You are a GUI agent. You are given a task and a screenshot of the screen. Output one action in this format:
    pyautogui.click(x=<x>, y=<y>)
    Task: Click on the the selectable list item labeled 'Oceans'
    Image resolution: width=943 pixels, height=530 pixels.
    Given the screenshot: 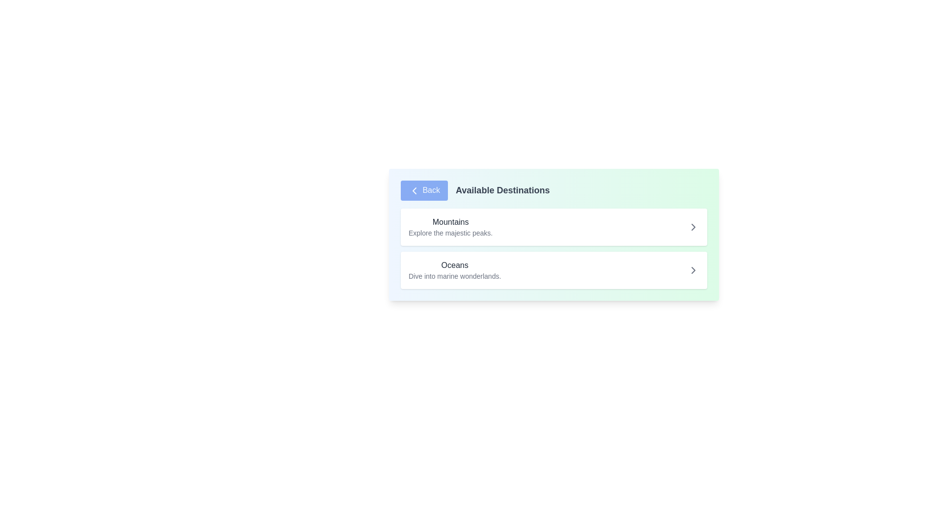 What is the action you would take?
    pyautogui.click(x=554, y=270)
    